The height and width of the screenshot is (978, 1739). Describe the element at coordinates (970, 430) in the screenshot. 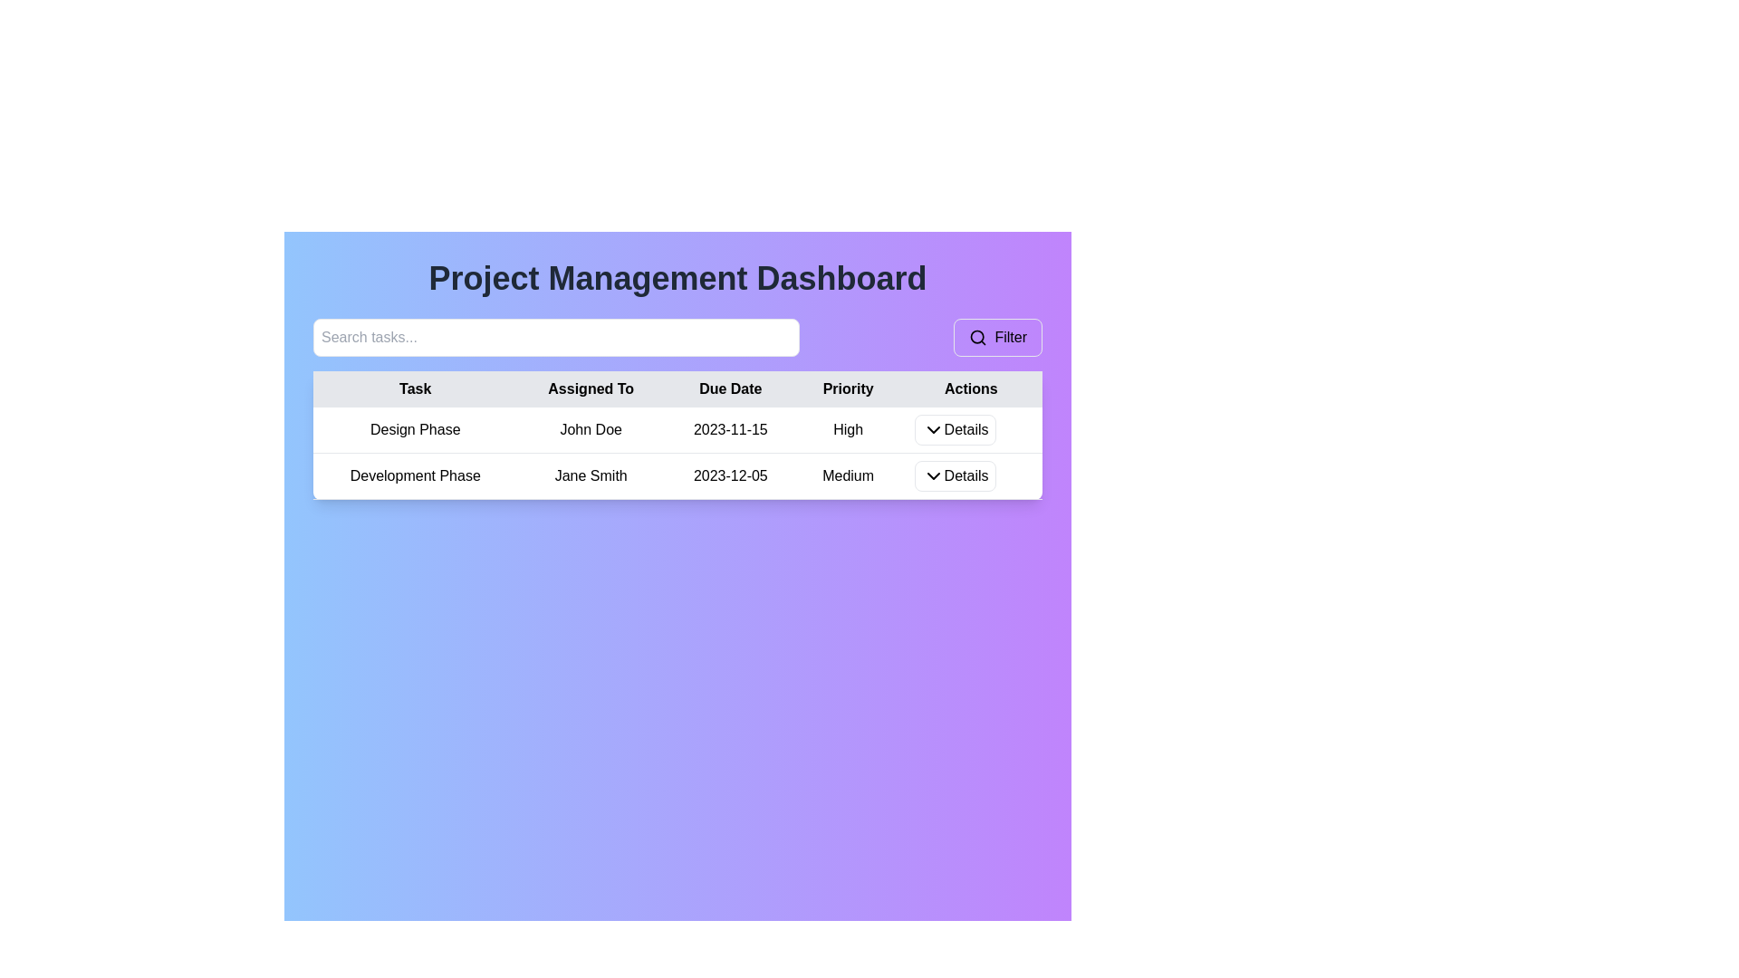

I see `the Dropdown button in the 'Actions' column of the first row in the 'Project Management Dashboard'` at that location.